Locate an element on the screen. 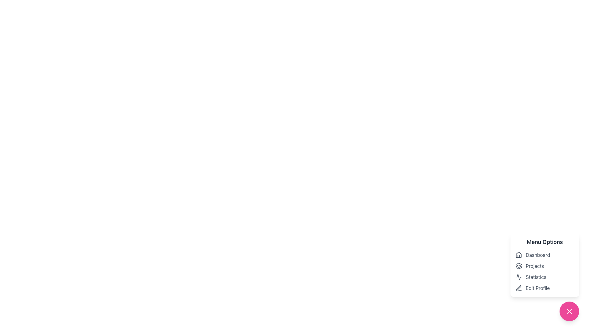 This screenshot has width=589, height=331. the 'Dashboard' navigation link, which is represented by a house-shaped icon followed by the text styled in gray that changes to pink on hover is located at coordinates (545, 255).